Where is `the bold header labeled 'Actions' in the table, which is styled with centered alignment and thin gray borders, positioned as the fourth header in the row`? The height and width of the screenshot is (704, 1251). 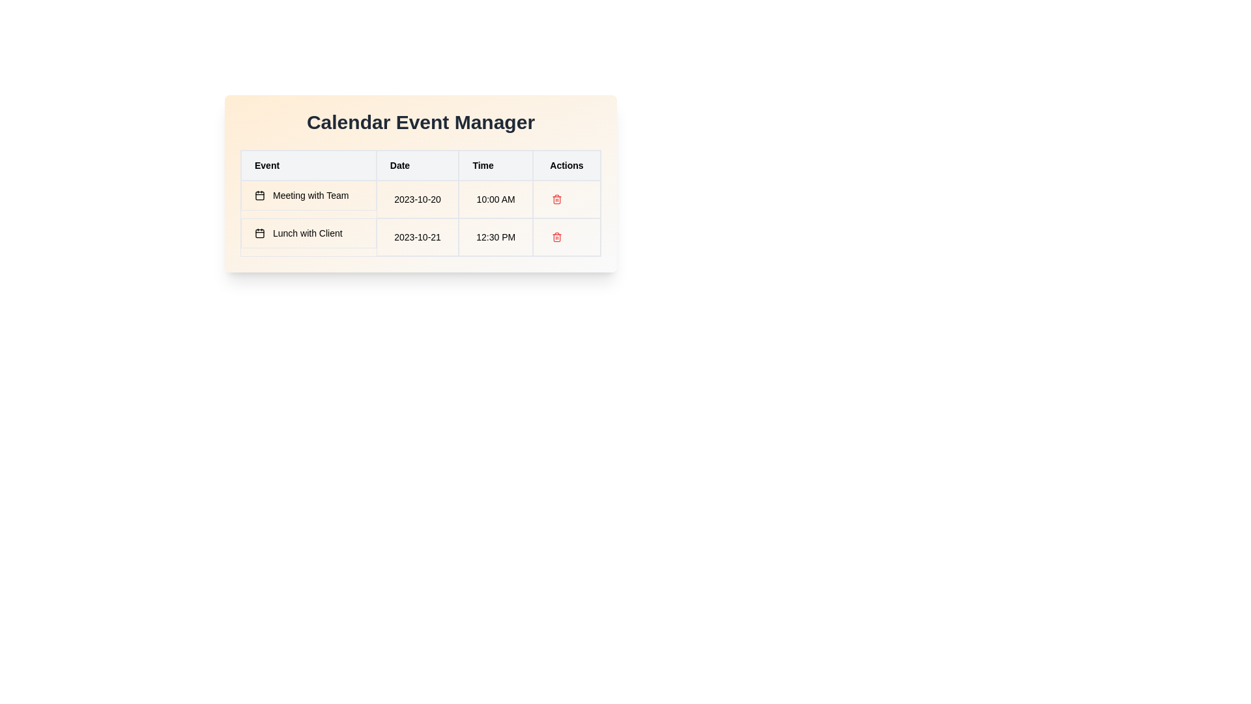 the bold header labeled 'Actions' in the table, which is styled with centered alignment and thin gray borders, positioned as the fourth header in the row is located at coordinates (566, 165).